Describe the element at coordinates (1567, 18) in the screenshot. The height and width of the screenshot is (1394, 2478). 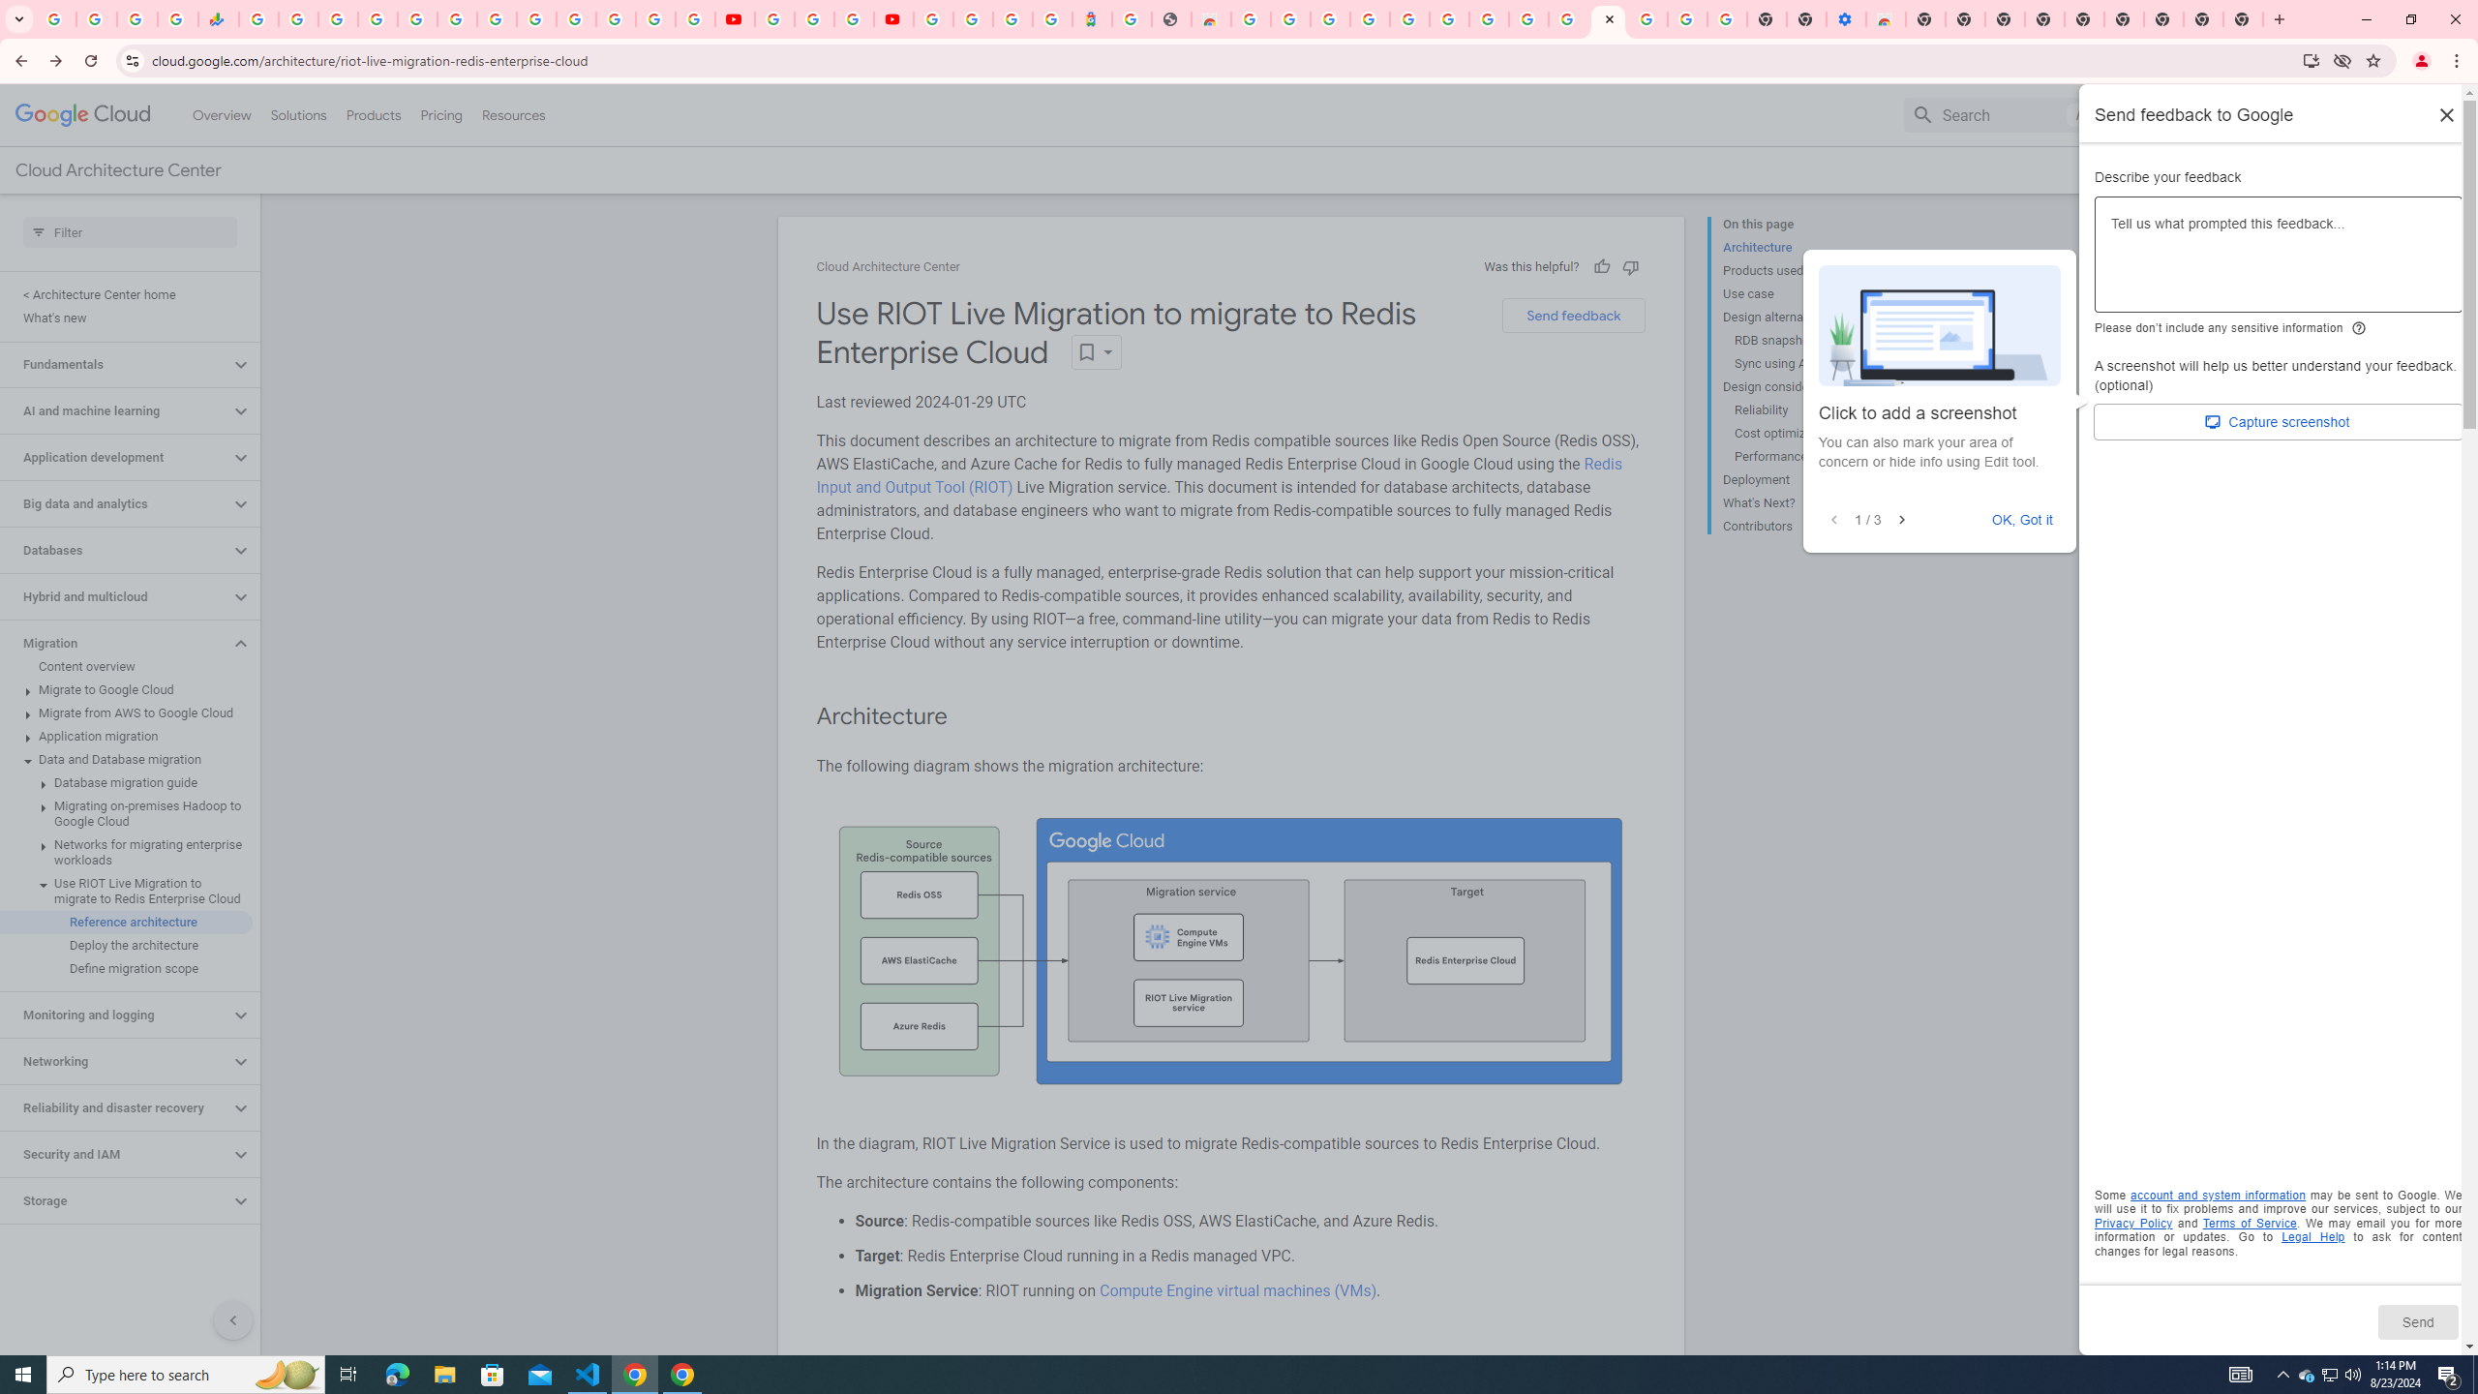
I see `'Browse the Google Chrome Community - Google Chrome Community'` at that location.